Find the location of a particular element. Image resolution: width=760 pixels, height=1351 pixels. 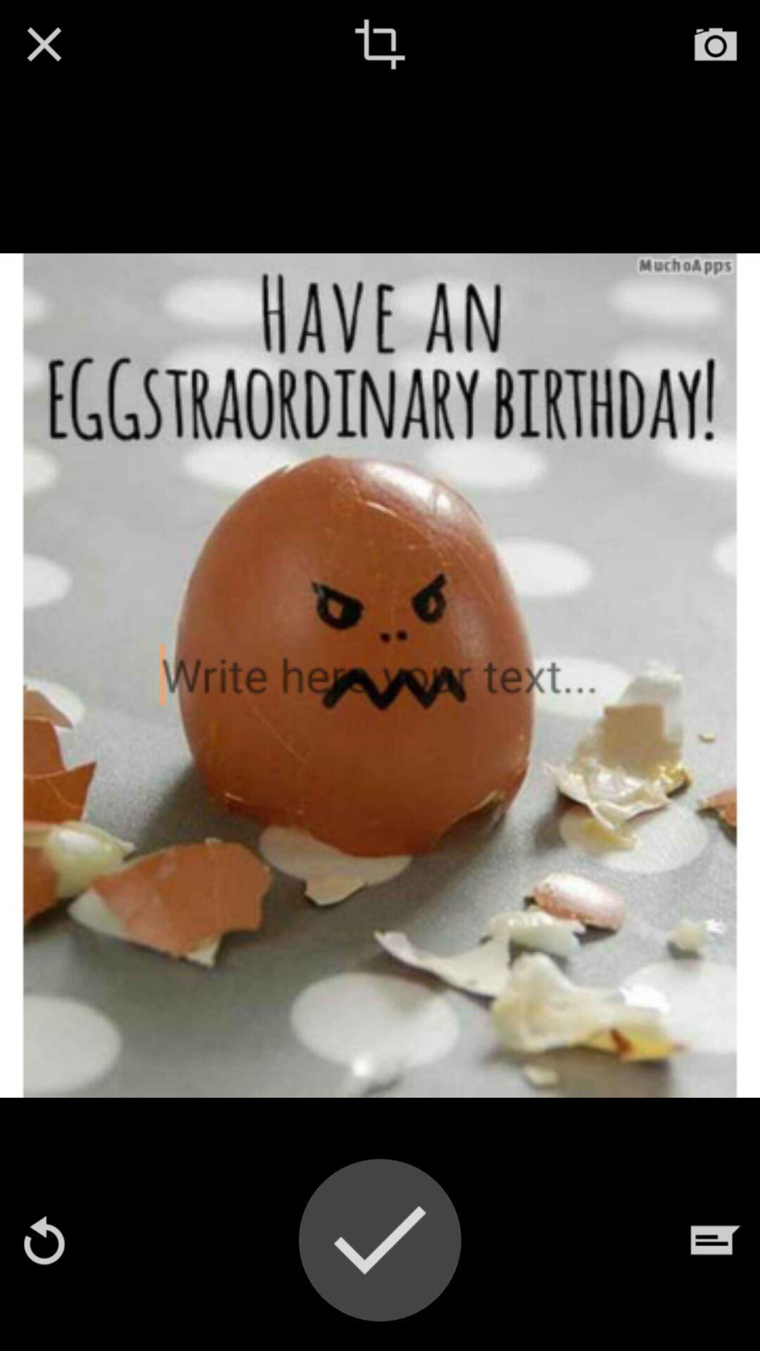

confirm is located at coordinates (380, 1240).